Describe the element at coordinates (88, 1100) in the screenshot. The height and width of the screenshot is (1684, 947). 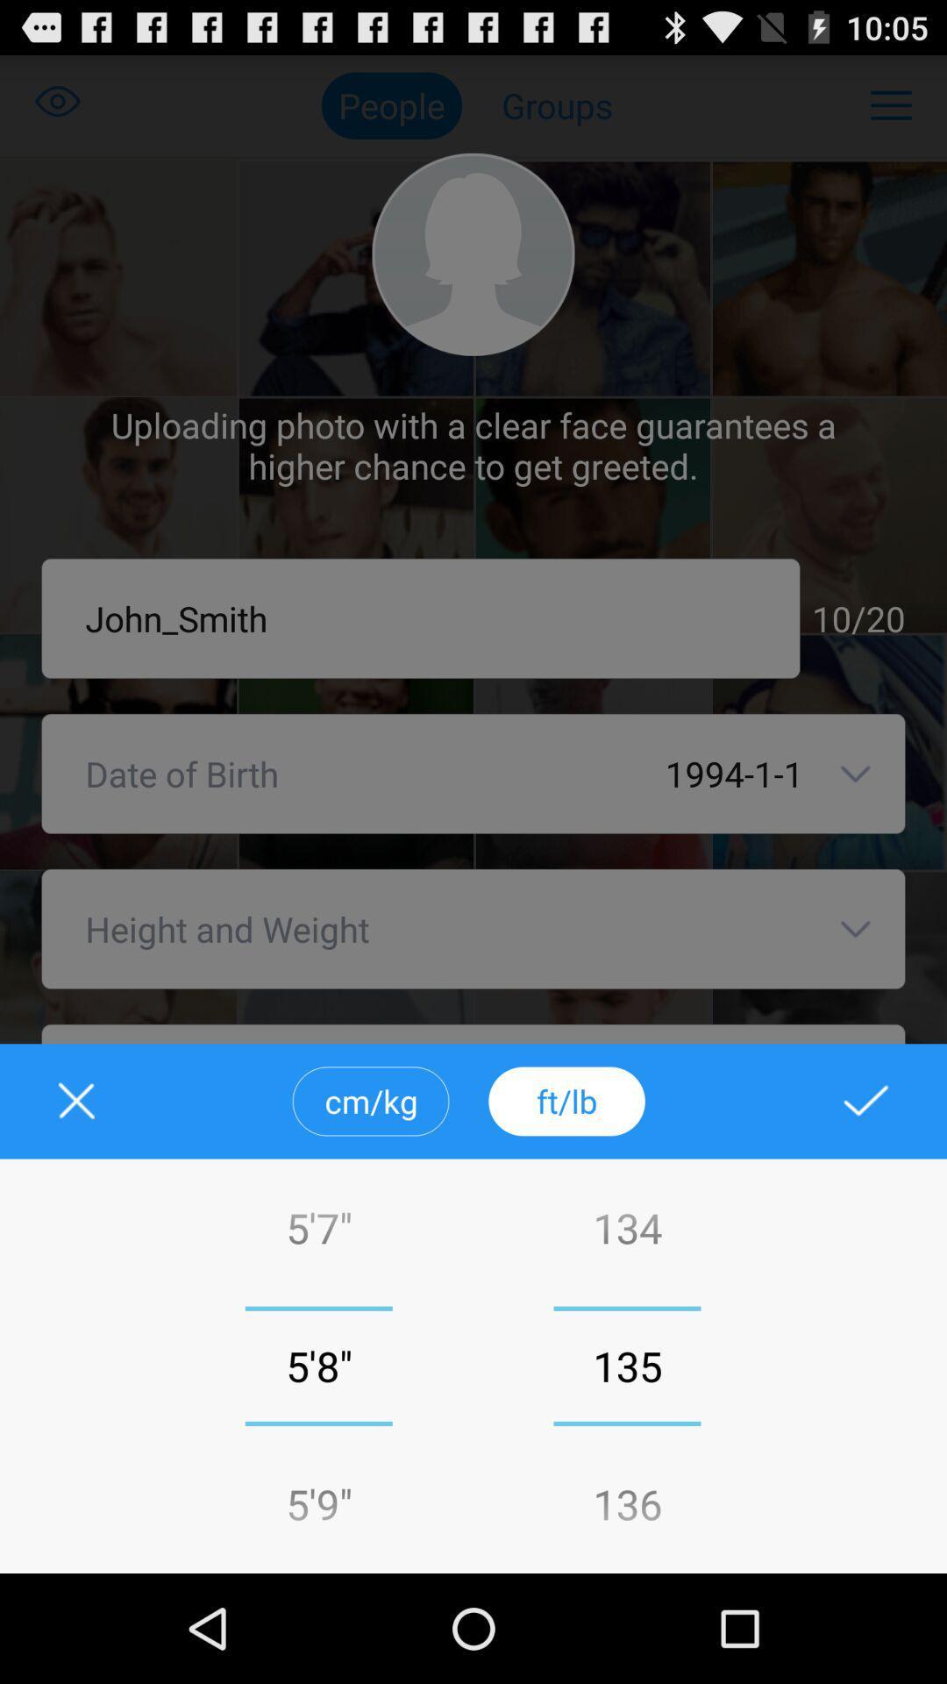
I see `height and weight` at that location.